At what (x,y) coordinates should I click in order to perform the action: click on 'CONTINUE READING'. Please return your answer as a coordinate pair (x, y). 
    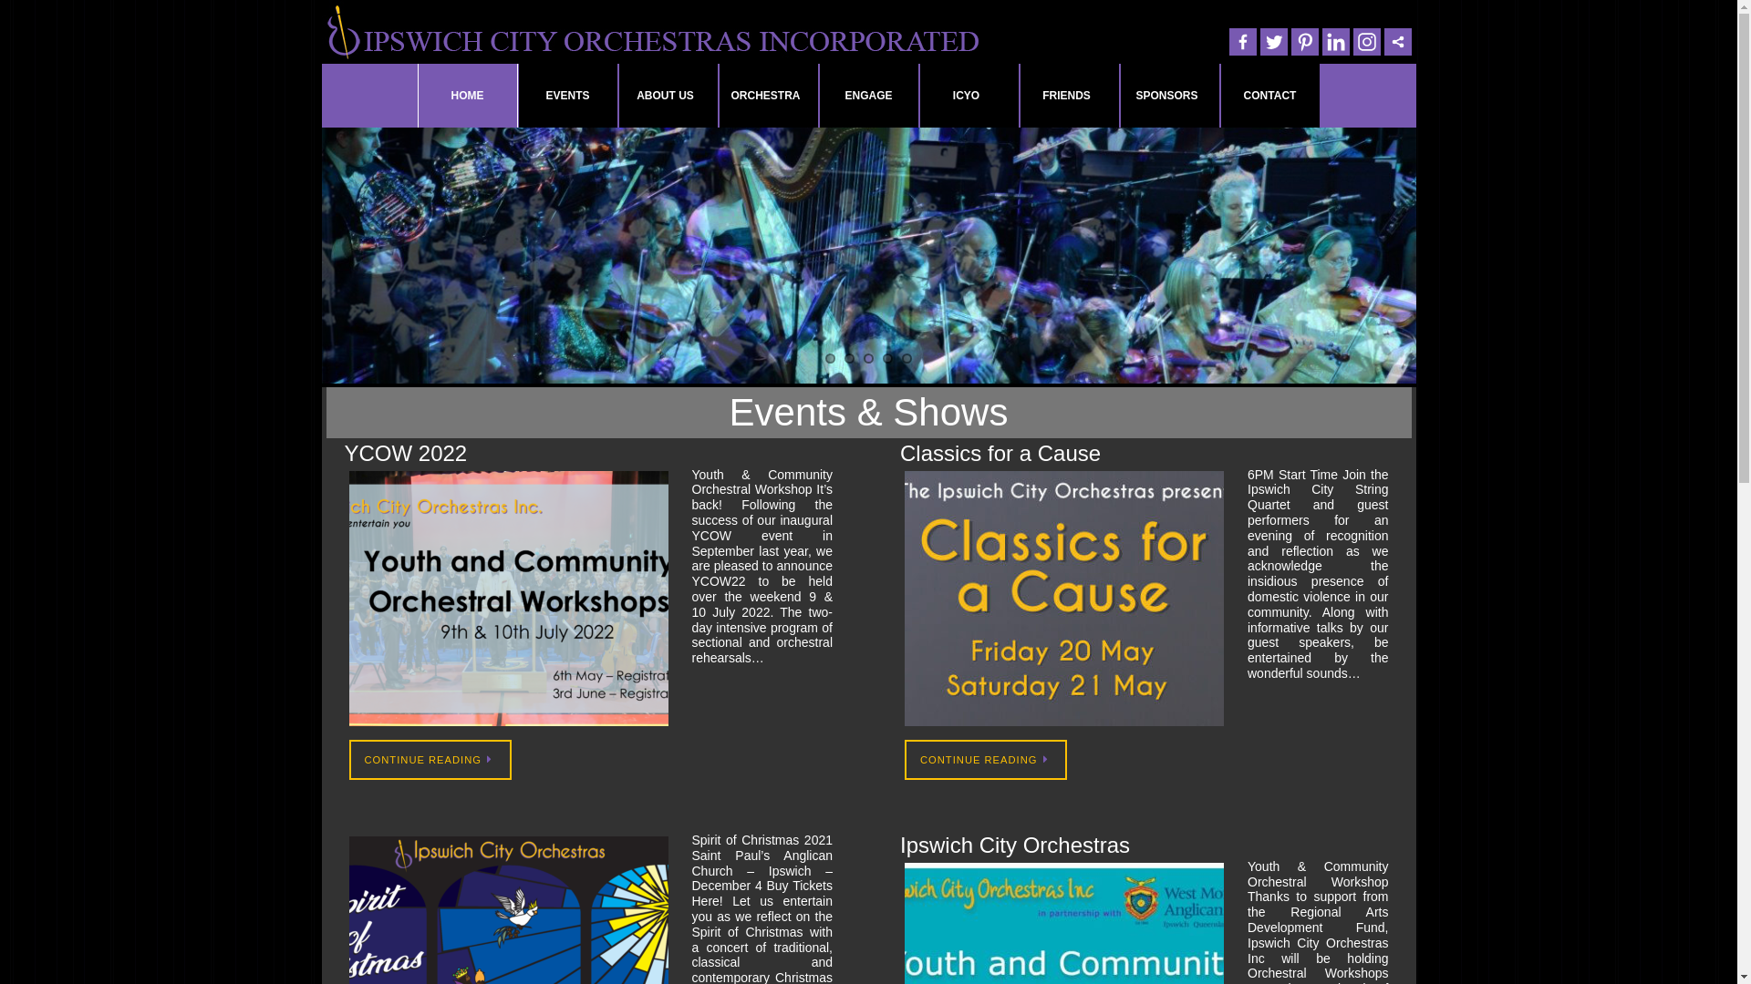
    Looking at the image, I should click on (984, 760).